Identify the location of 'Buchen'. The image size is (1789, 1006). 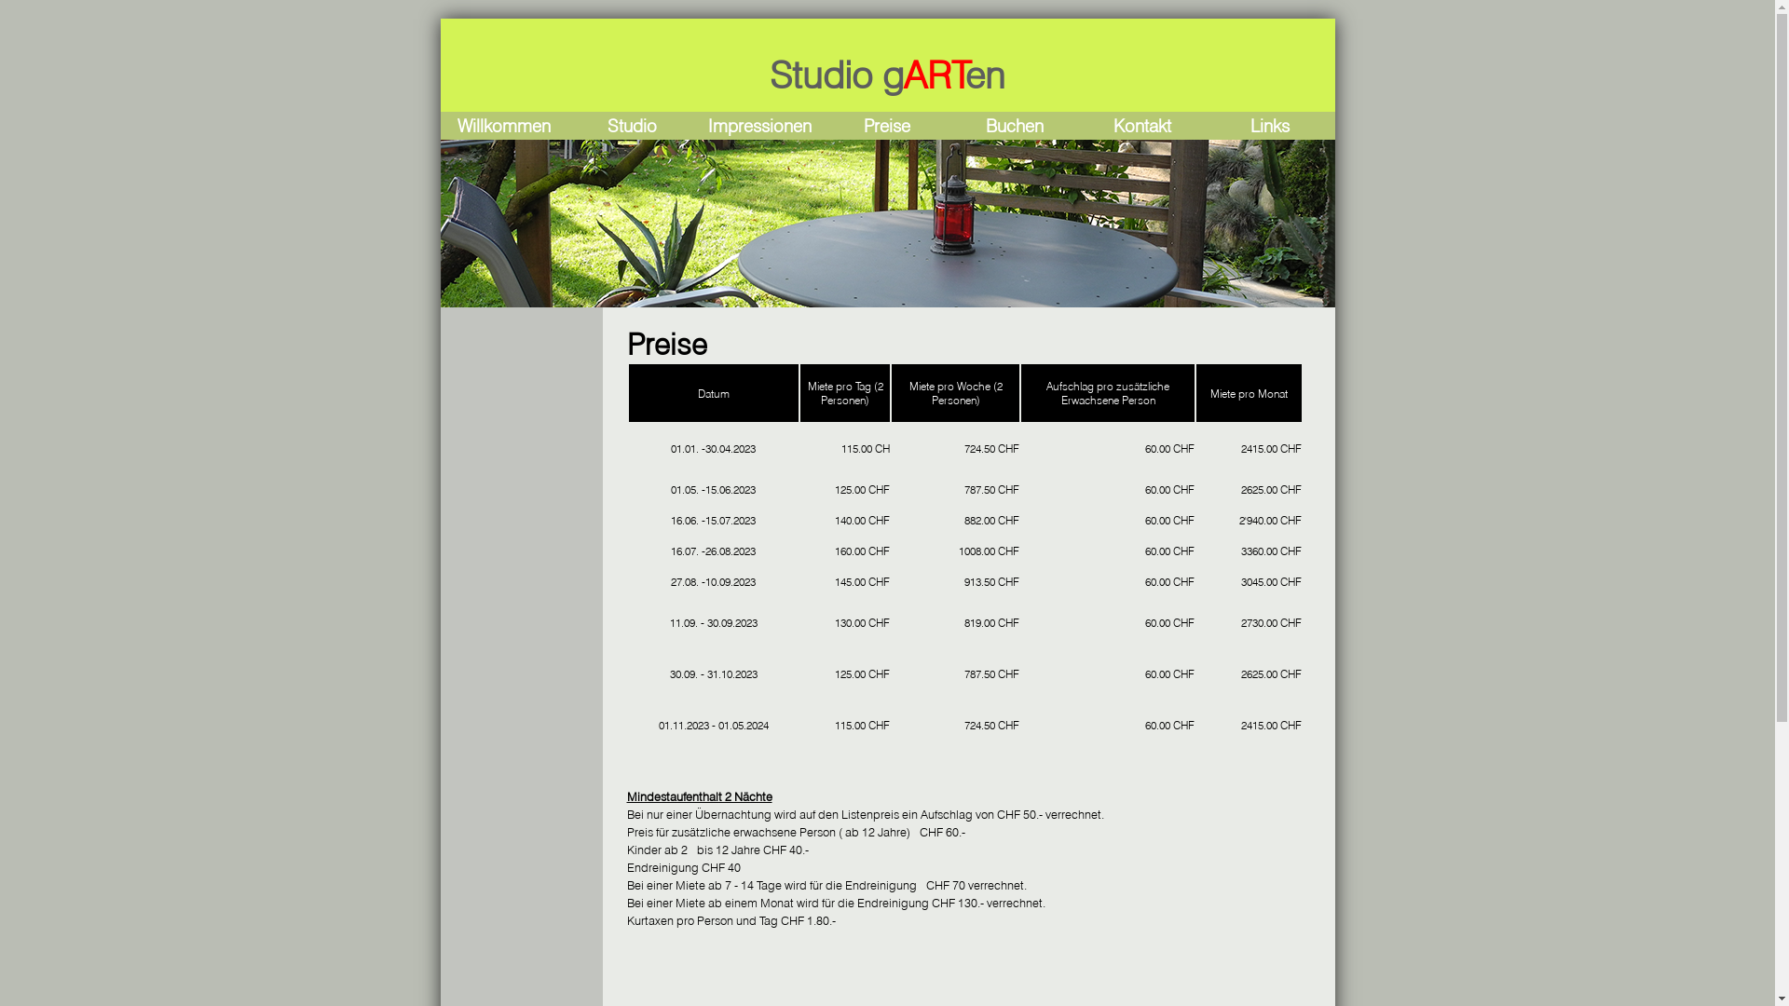
(1014, 126).